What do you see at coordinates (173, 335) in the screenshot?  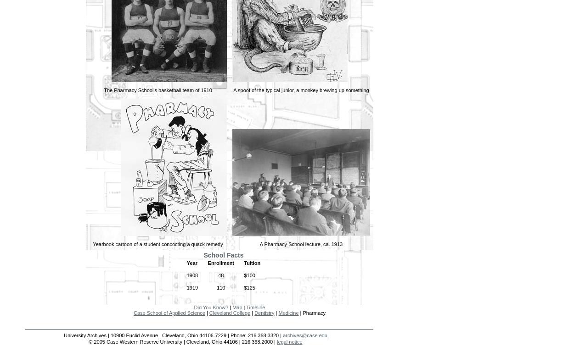 I see `'University Archives | 10900 Euclid Avenue | Cleveland, Ohio 44106-7229 | Phone: 216.368.3320 |'` at bounding box center [173, 335].